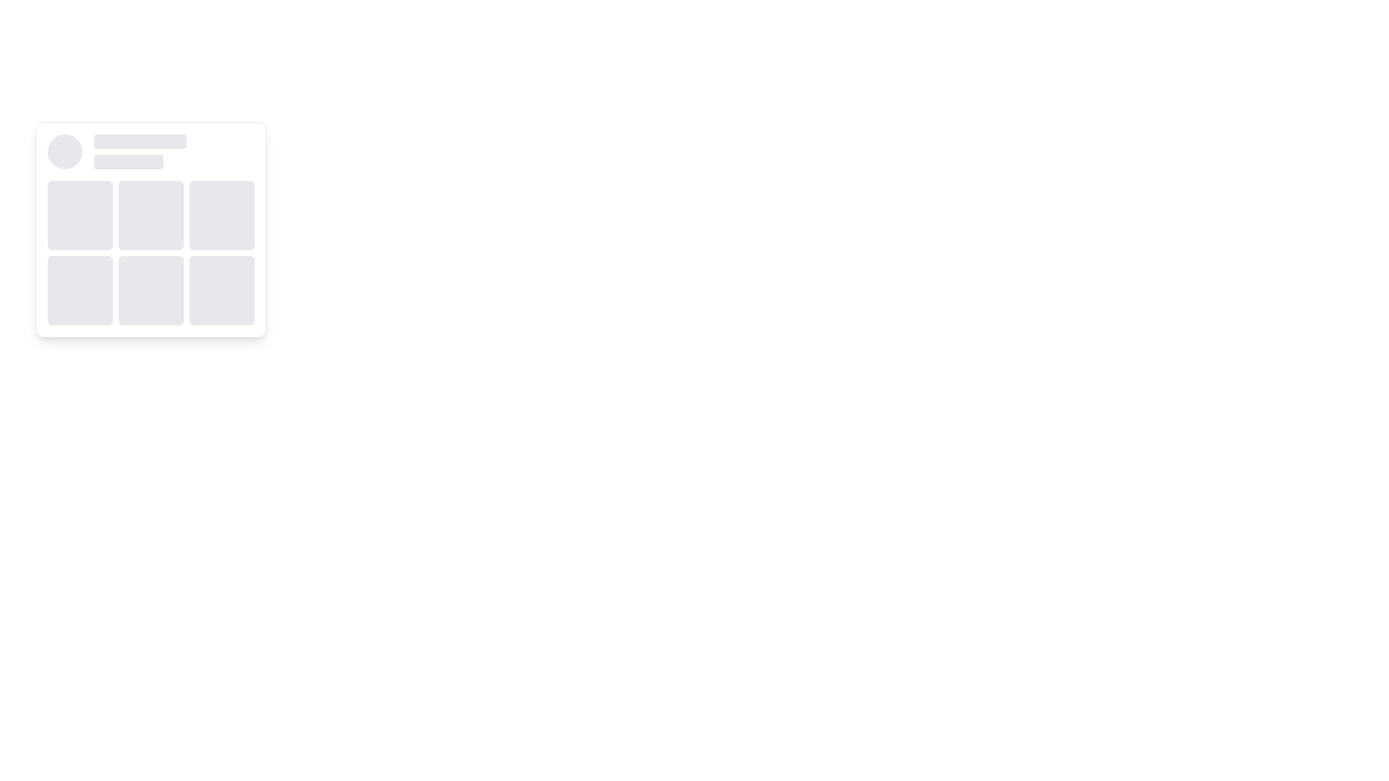 The image size is (1389, 781). I want to click on the Placeholder box located at the top-left position of the grid layout, which indicates a loading or empty state, so click(79, 215).